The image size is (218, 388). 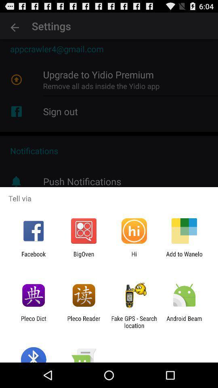 I want to click on add to wanelo item, so click(x=184, y=257).